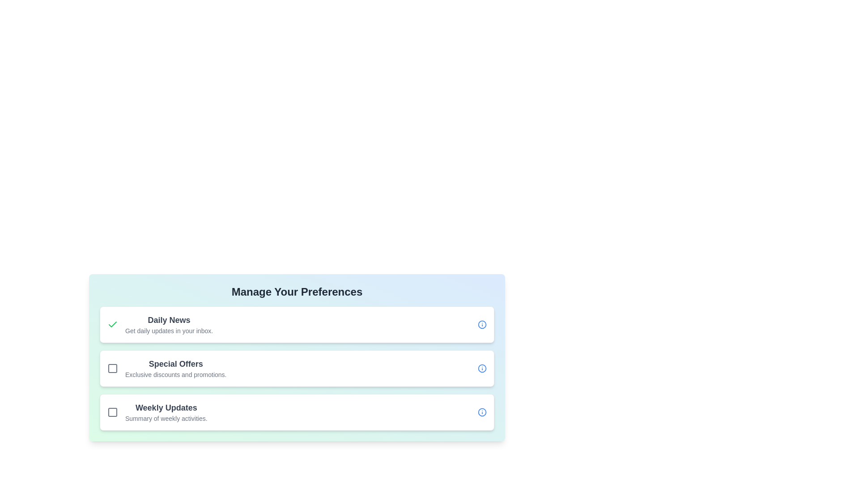  Describe the element at coordinates (482, 369) in the screenshot. I see `the SVG Circle element, which is a circular shape with a blue outline and white interior, located at the right end of the 'Special Offers' row in the preference selection list UI` at that location.